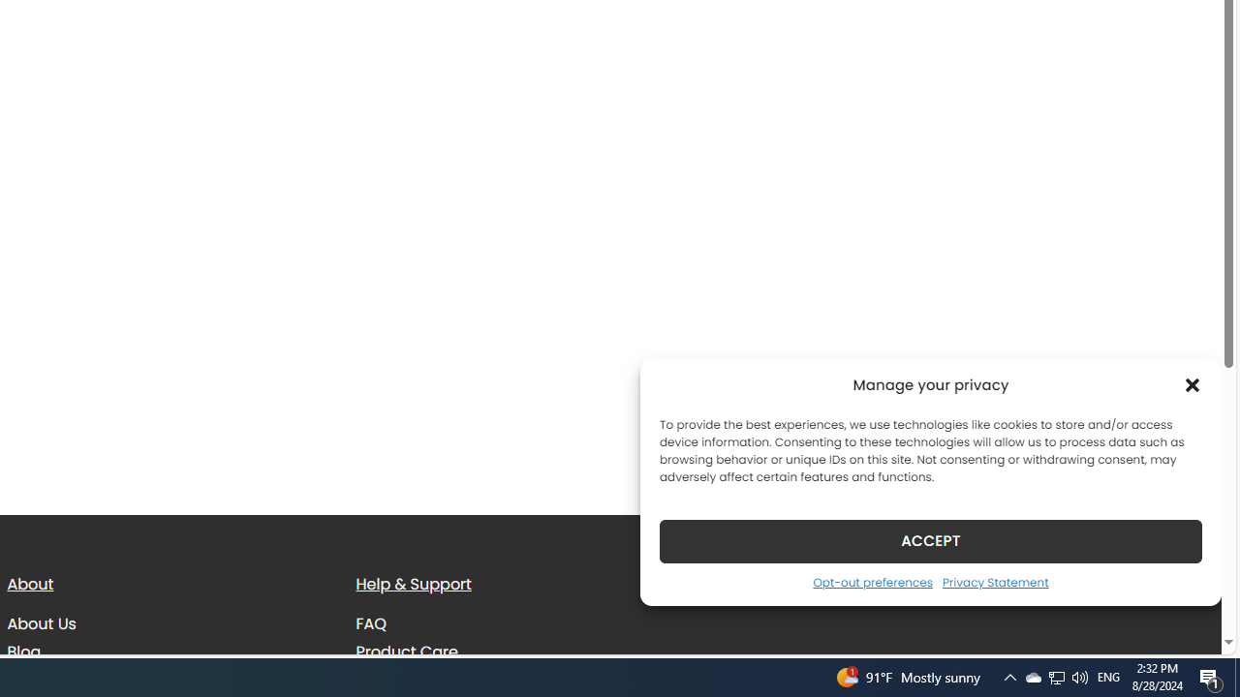 The width and height of the screenshot is (1240, 697). I want to click on 'Opt-out preferences', so click(871, 581).